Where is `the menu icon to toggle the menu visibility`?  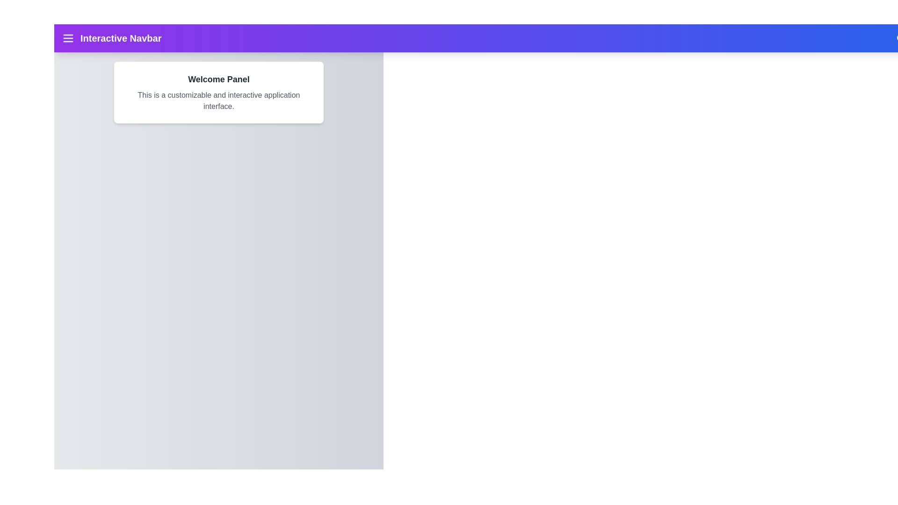 the menu icon to toggle the menu visibility is located at coordinates (67, 37).